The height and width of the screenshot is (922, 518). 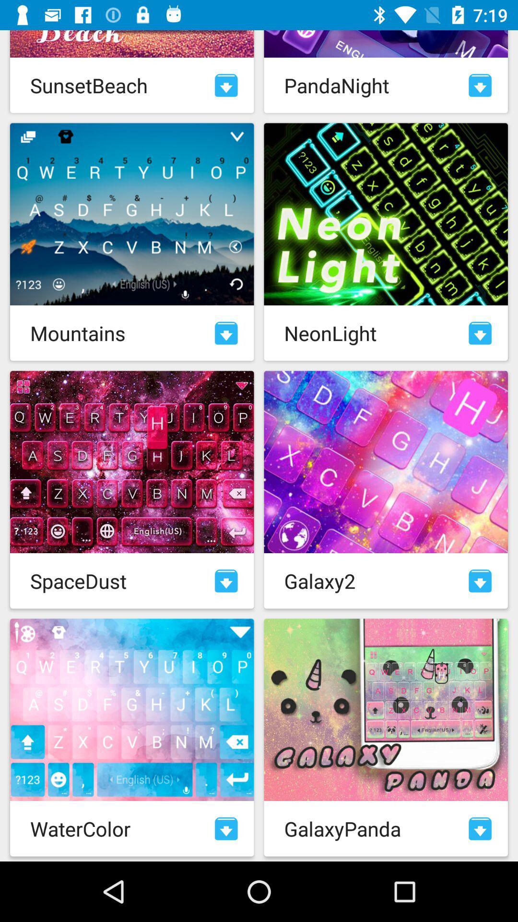 What do you see at coordinates (480, 85) in the screenshot?
I see `download selection` at bounding box center [480, 85].